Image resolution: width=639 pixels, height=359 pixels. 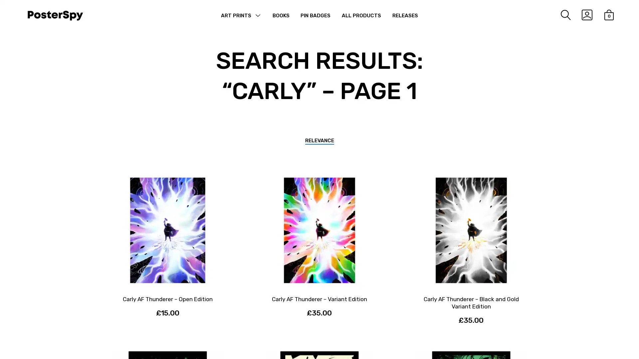 What do you see at coordinates (604, 15) in the screenshot?
I see `MINICART TOGGLE 0` at bounding box center [604, 15].